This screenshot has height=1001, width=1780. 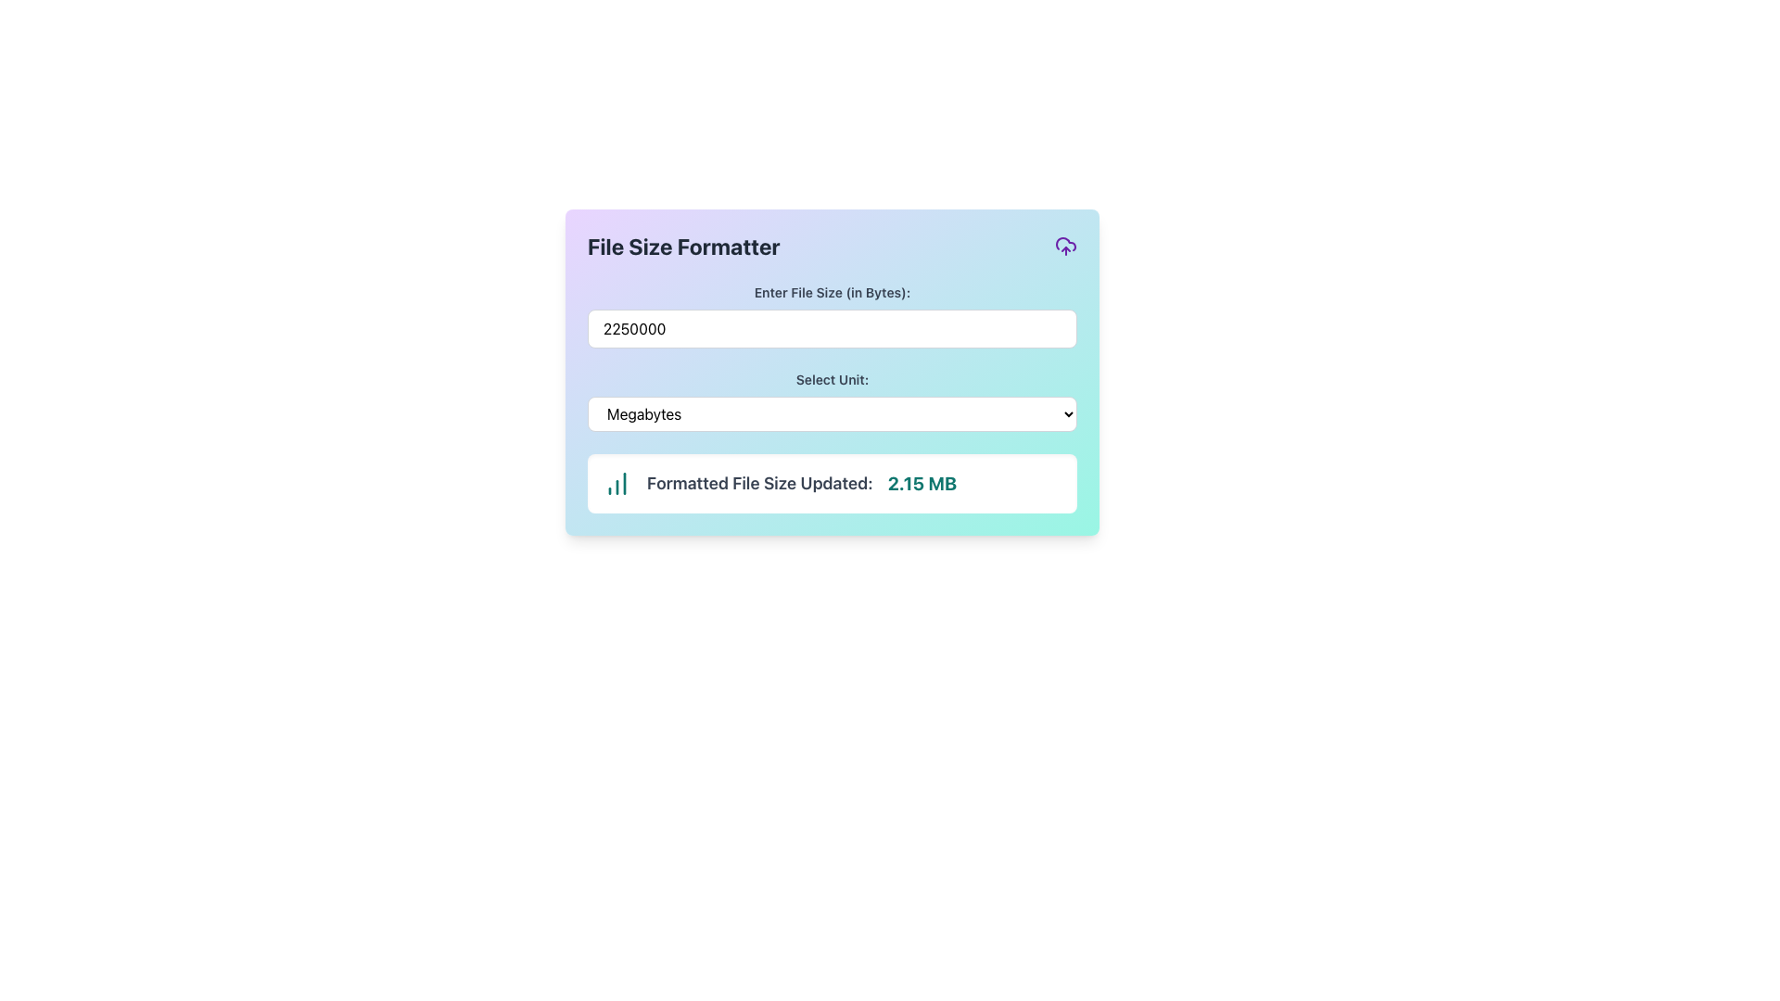 I want to click on a unit from the dropdown menu labeled 'Select Unit:' which currently displays 'Megabytes', so click(x=831, y=399).